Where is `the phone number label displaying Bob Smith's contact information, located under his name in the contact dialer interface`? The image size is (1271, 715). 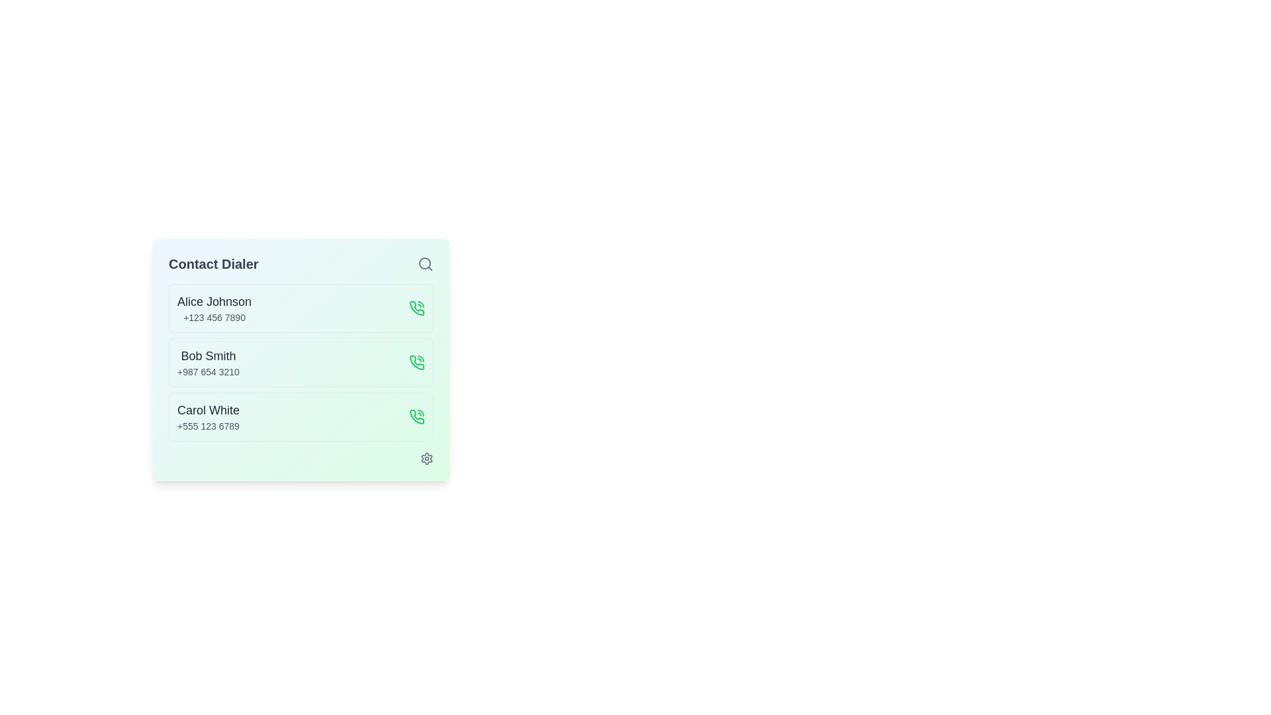 the phone number label displaying Bob Smith's contact information, located under his name in the contact dialer interface is located at coordinates (207, 372).